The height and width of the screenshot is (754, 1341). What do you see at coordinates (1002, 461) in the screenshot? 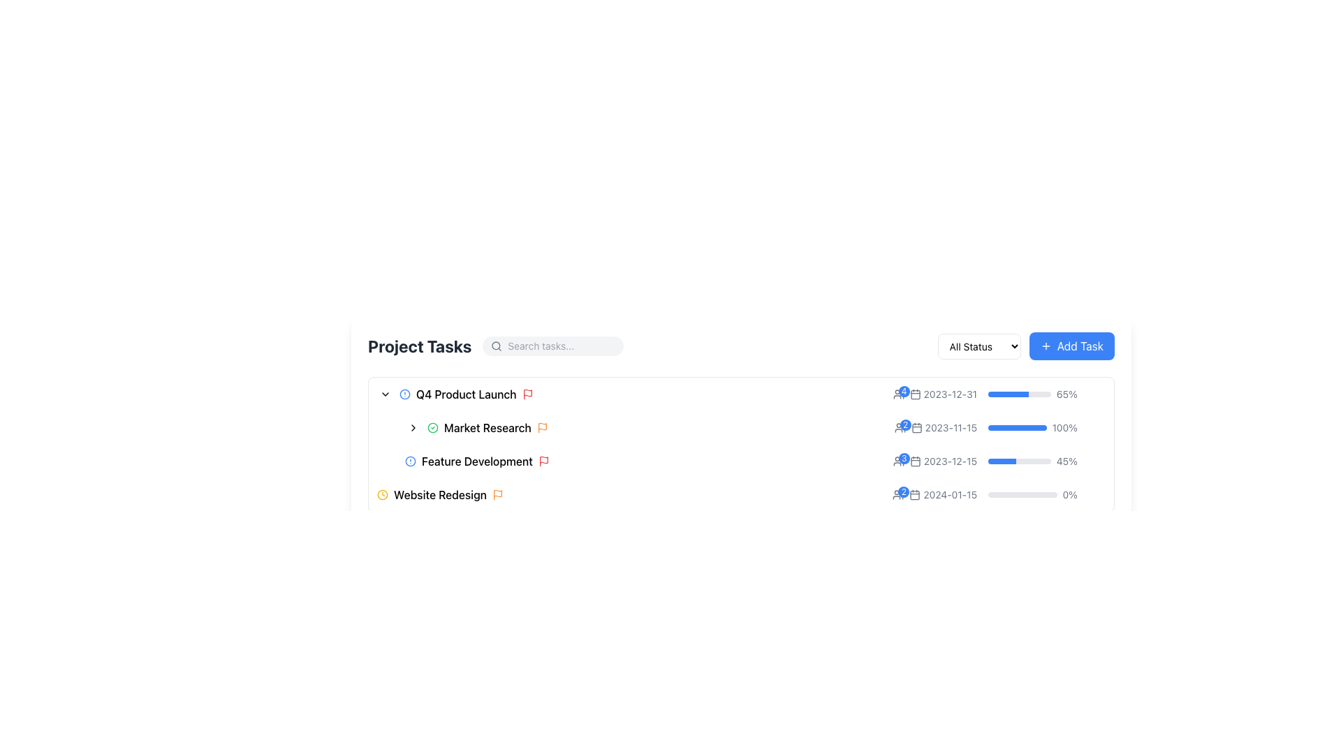
I see `the progress represented by the progress bar located in the task progress section aligned with the '2023-12-15' task entry, which currently indicates 45% completion` at bounding box center [1002, 461].